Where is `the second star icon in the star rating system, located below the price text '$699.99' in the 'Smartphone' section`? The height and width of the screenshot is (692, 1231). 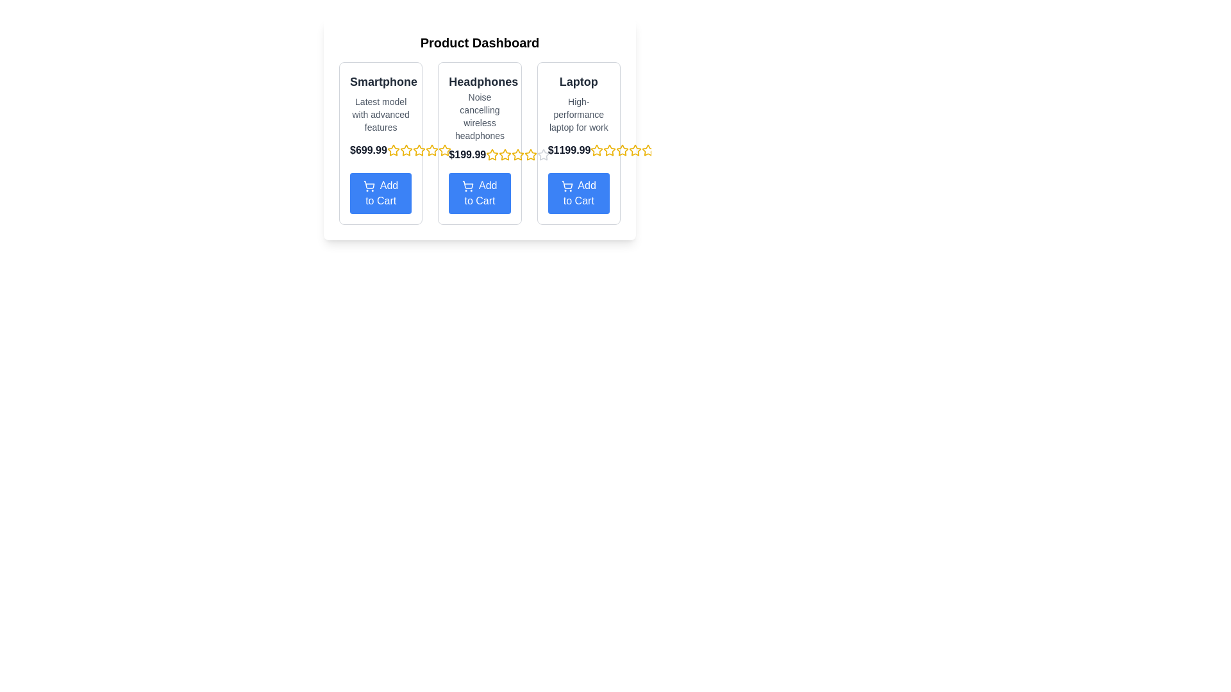
the second star icon in the star rating system, located below the price text '$699.99' in the 'Smartphone' section is located at coordinates (405, 150).